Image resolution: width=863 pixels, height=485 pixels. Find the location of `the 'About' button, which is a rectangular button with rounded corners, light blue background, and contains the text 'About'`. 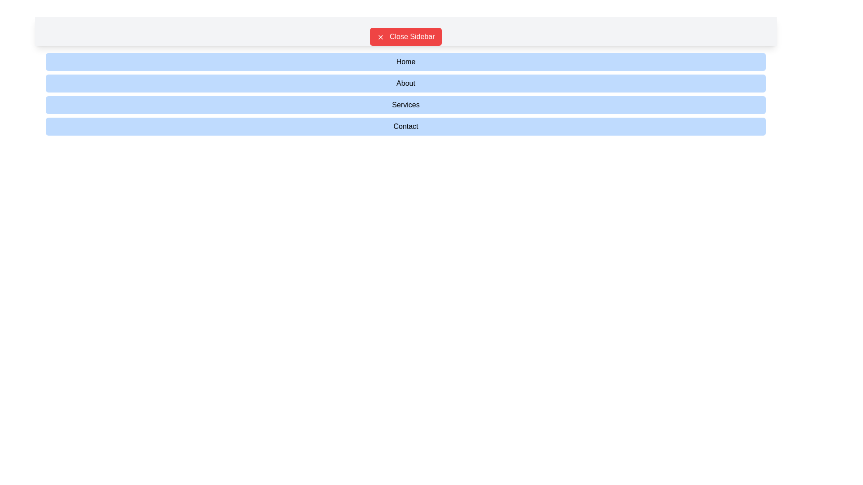

the 'About' button, which is a rectangular button with rounded corners, light blue background, and contains the text 'About' is located at coordinates (405, 83).